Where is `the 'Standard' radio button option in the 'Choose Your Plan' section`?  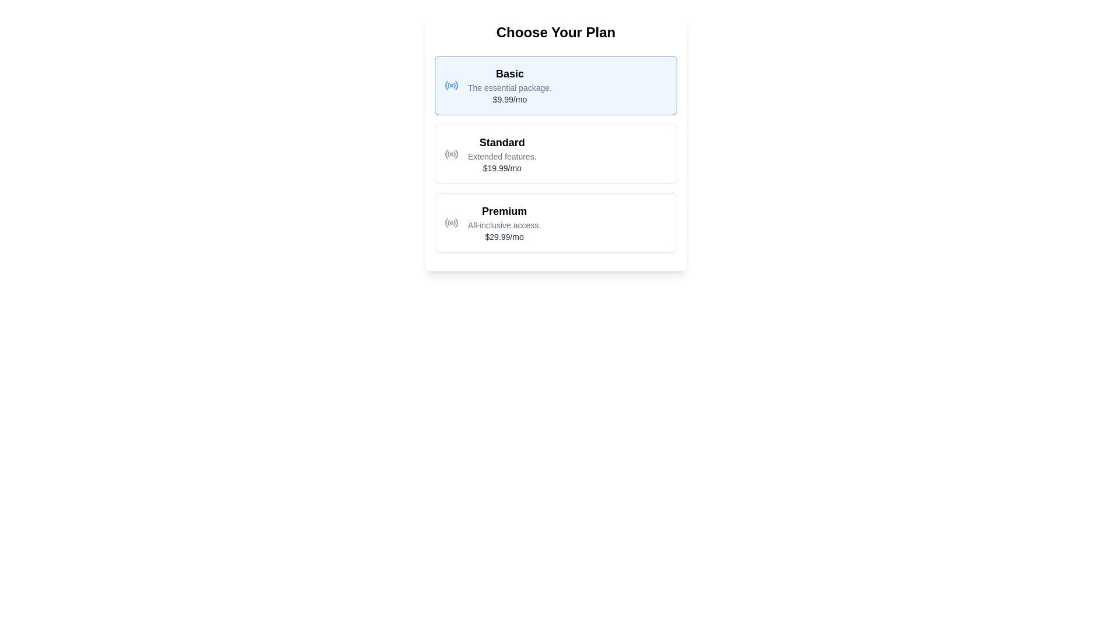
the 'Standard' radio button option in the 'Choose Your Plan' section is located at coordinates (555, 154).